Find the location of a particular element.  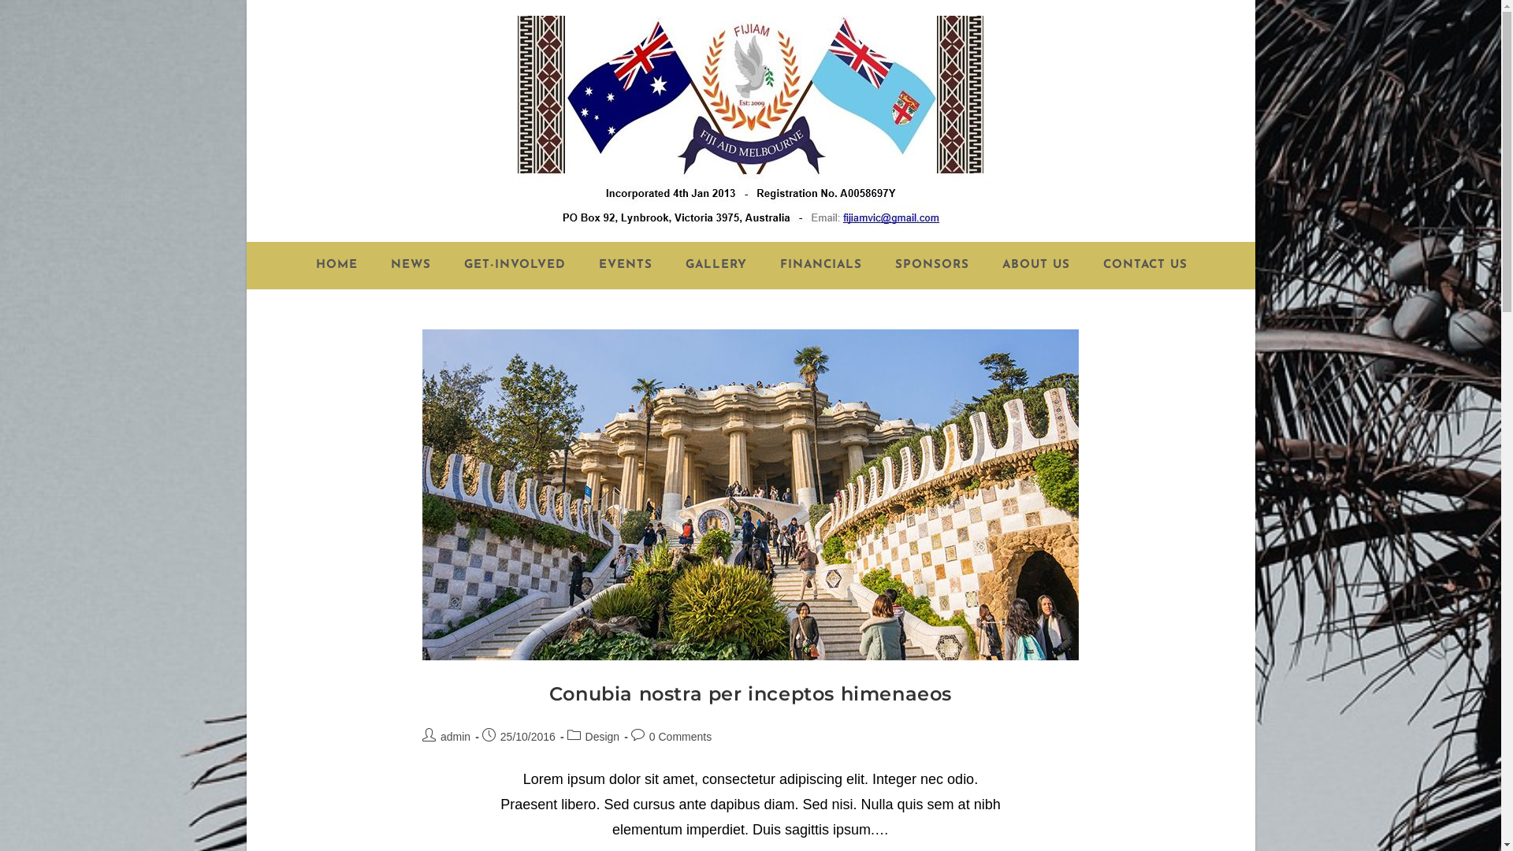

'NEWS' is located at coordinates (410, 264).